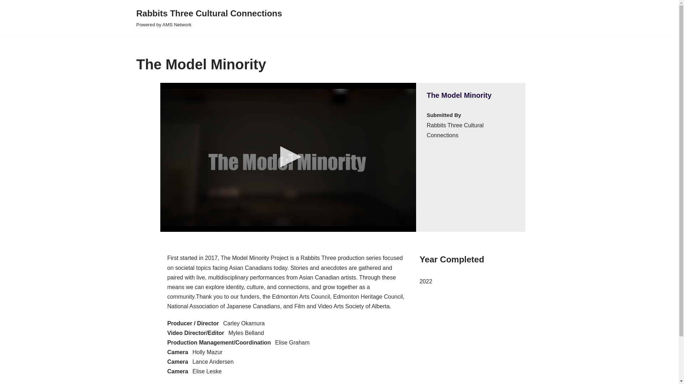 This screenshot has height=384, width=684. What do you see at coordinates (5, 15) in the screenshot?
I see `'Skip to content'` at bounding box center [5, 15].